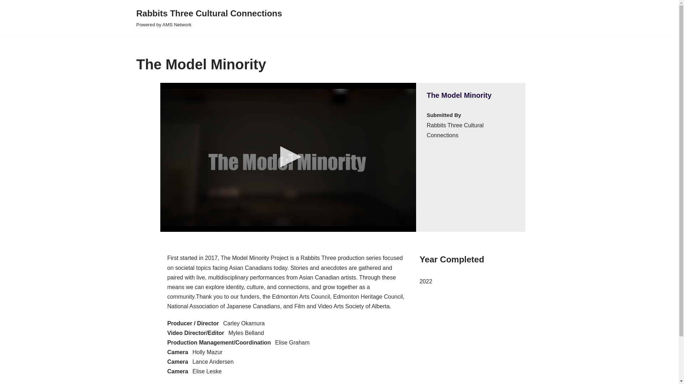 This screenshot has height=384, width=684. What do you see at coordinates (5, 15) in the screenshot?
I see `'Skip to content'` at bounding box center [5, 15].